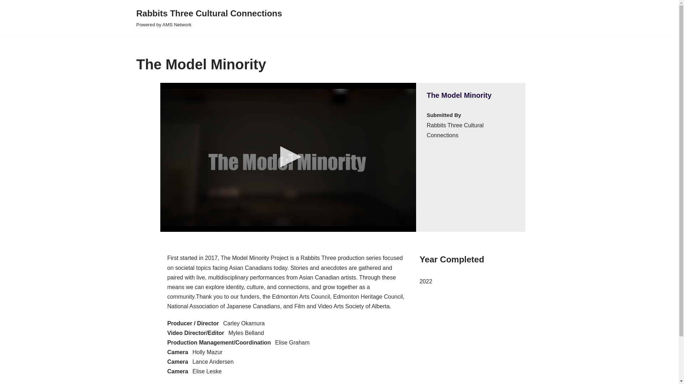 This screenshot has height=384, width=684. What do you see at coordinates (5, 15) in the screenshot?
I see `'Skip to content'` at bounding box center [5, 15].